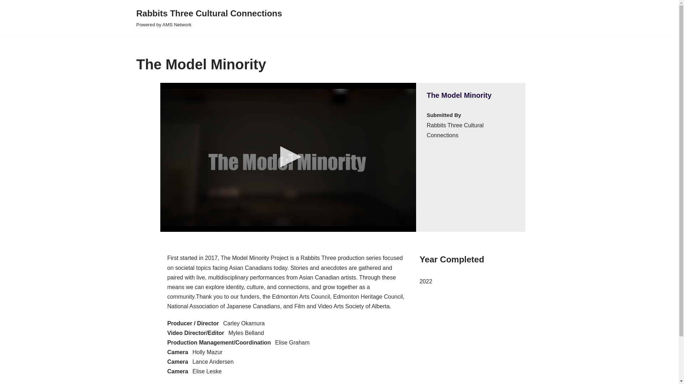 This screenshot has height=384, width=684. What do you see at coordinates (5, 15) in the screenshot?
I see `'Skip to content'` at bounding box center [5, 15].